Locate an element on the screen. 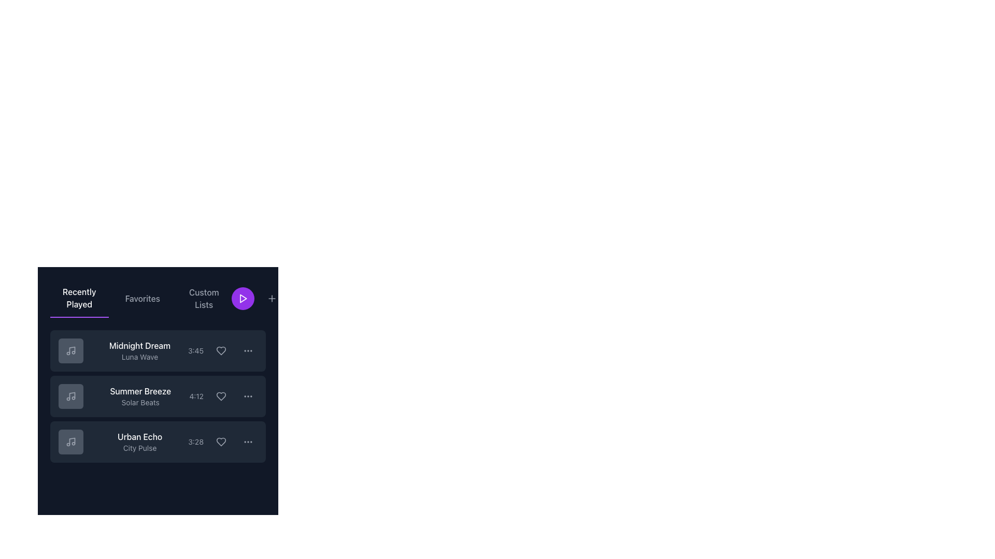  the play control icon located inside the rounded purple button at the top-right corner of the interface is located at coordinates (242, 299).